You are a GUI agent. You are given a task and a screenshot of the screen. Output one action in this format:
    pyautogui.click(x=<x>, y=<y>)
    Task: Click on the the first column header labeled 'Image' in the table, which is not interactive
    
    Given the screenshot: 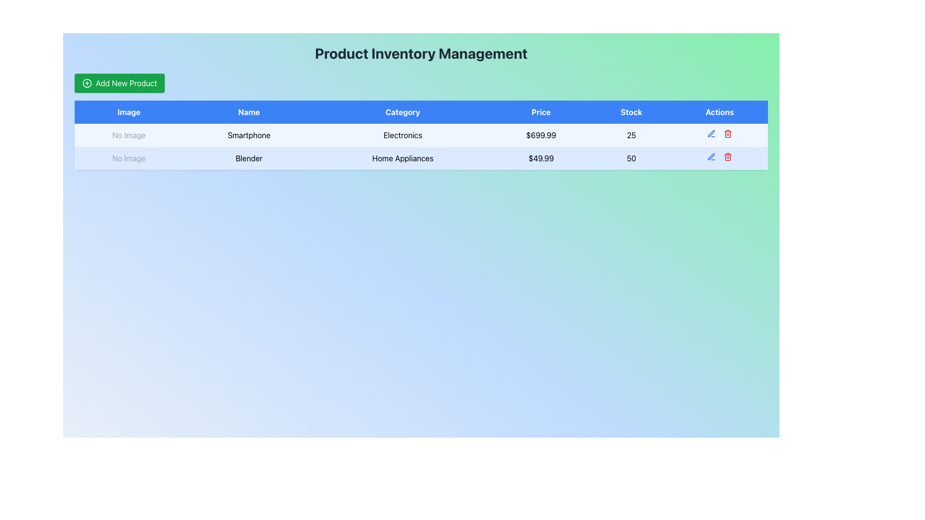 What is the action you would take?
    pyautogui.click(x=128, y=111)
    